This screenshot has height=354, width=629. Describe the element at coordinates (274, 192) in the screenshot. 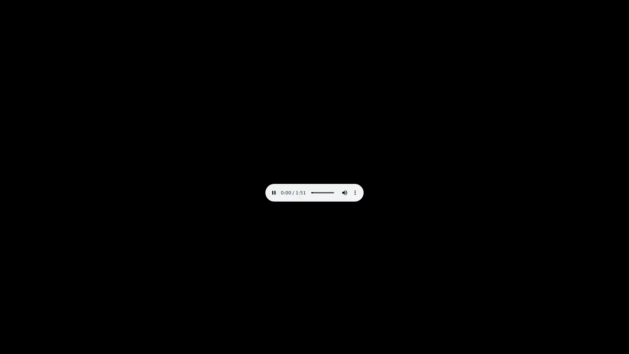

I see `pause` at that location.